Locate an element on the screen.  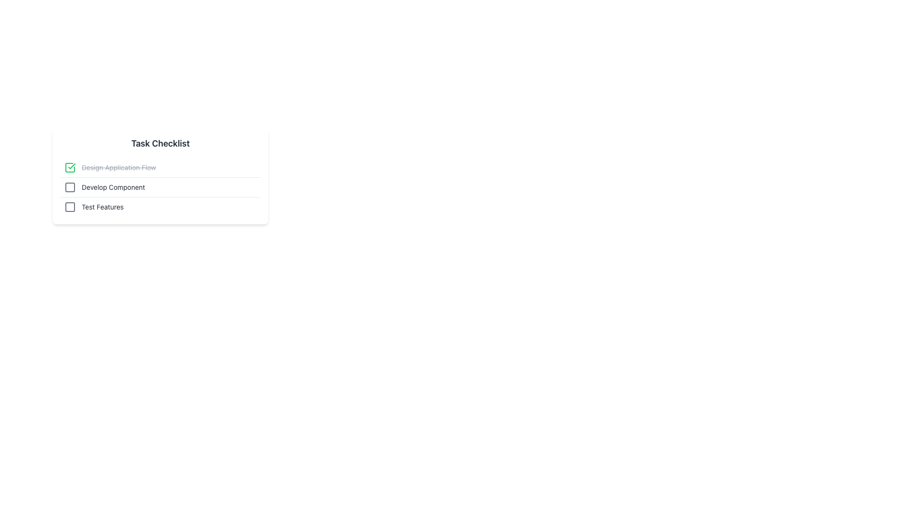
the checkbox for 'Test Features' is located at coordinates (69, 207).